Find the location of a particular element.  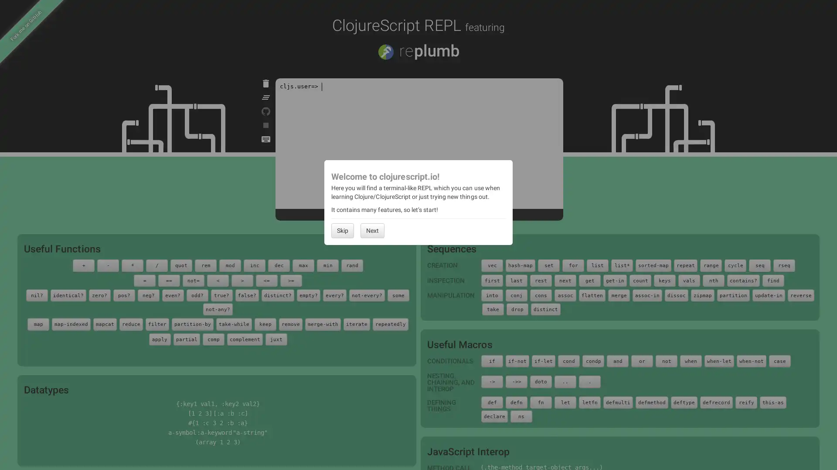

+ is located at coordinates (84, 265).